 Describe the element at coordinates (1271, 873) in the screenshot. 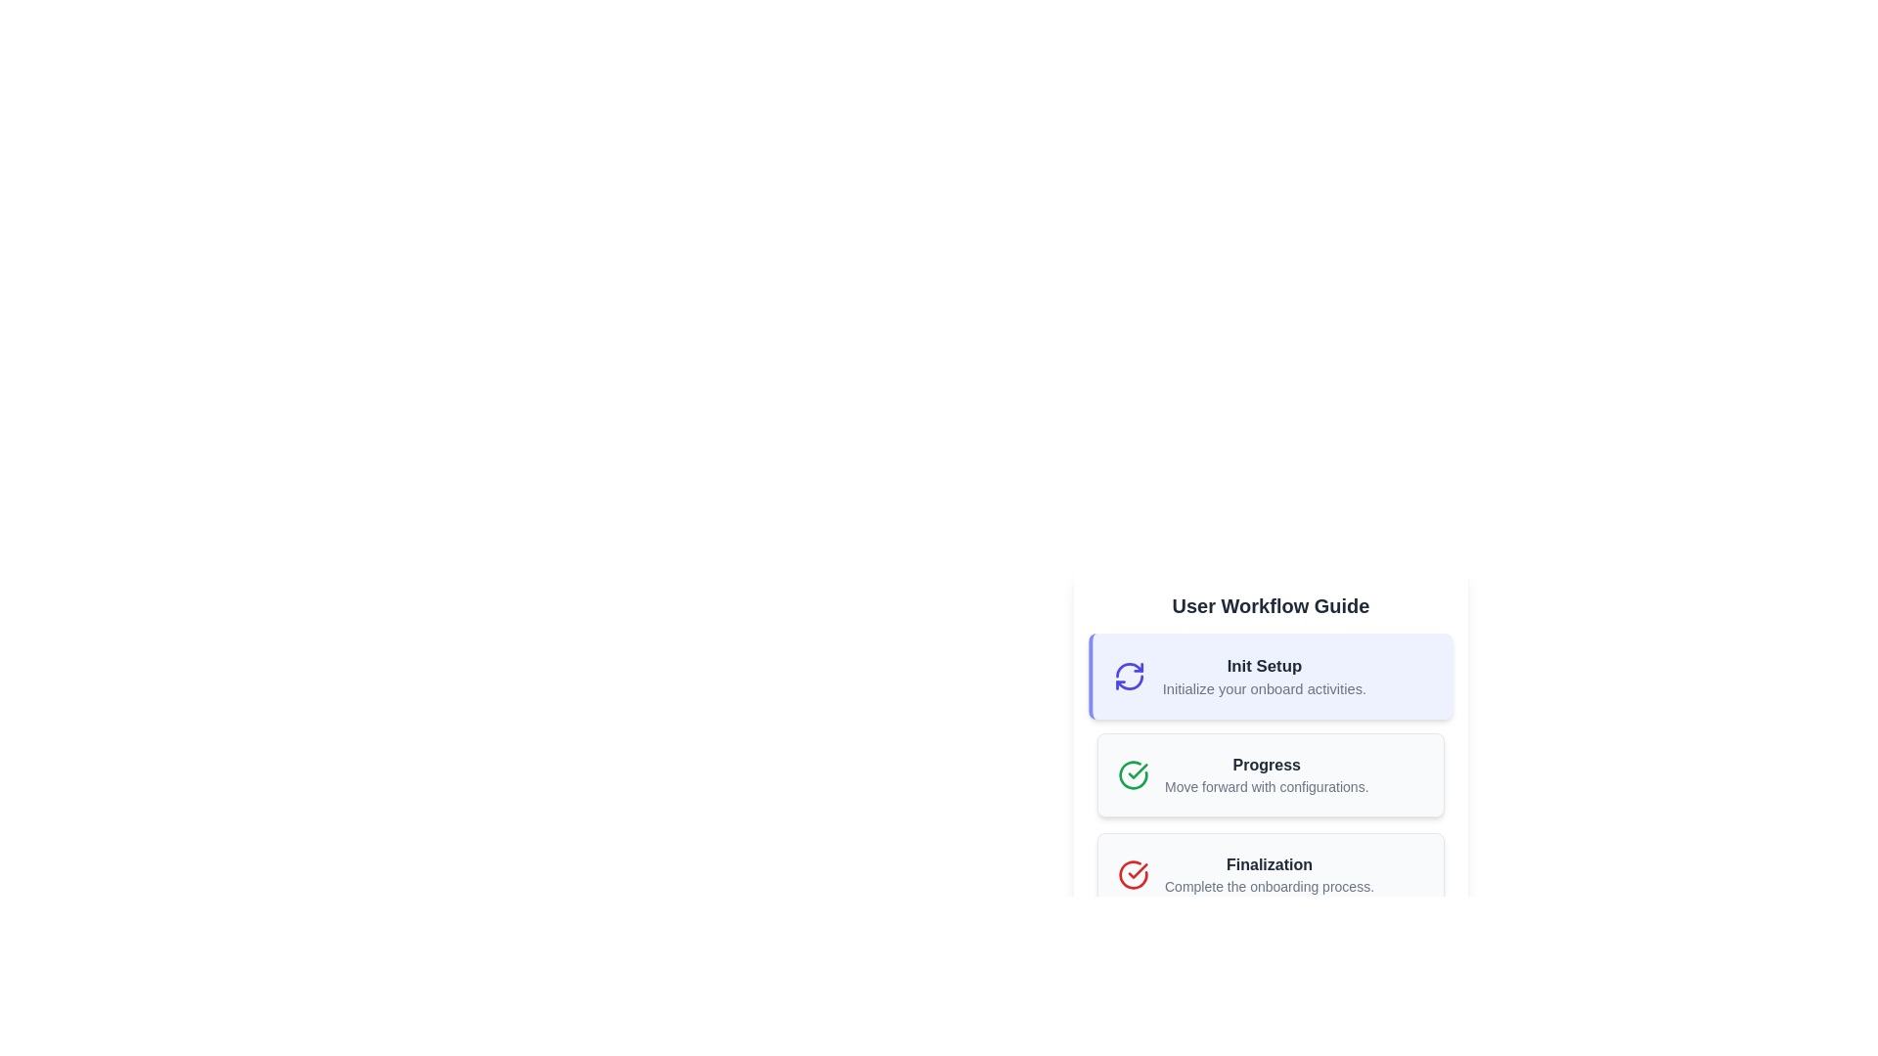

I see `the third informational card in the 'User Workflow Guide' section` at that location.